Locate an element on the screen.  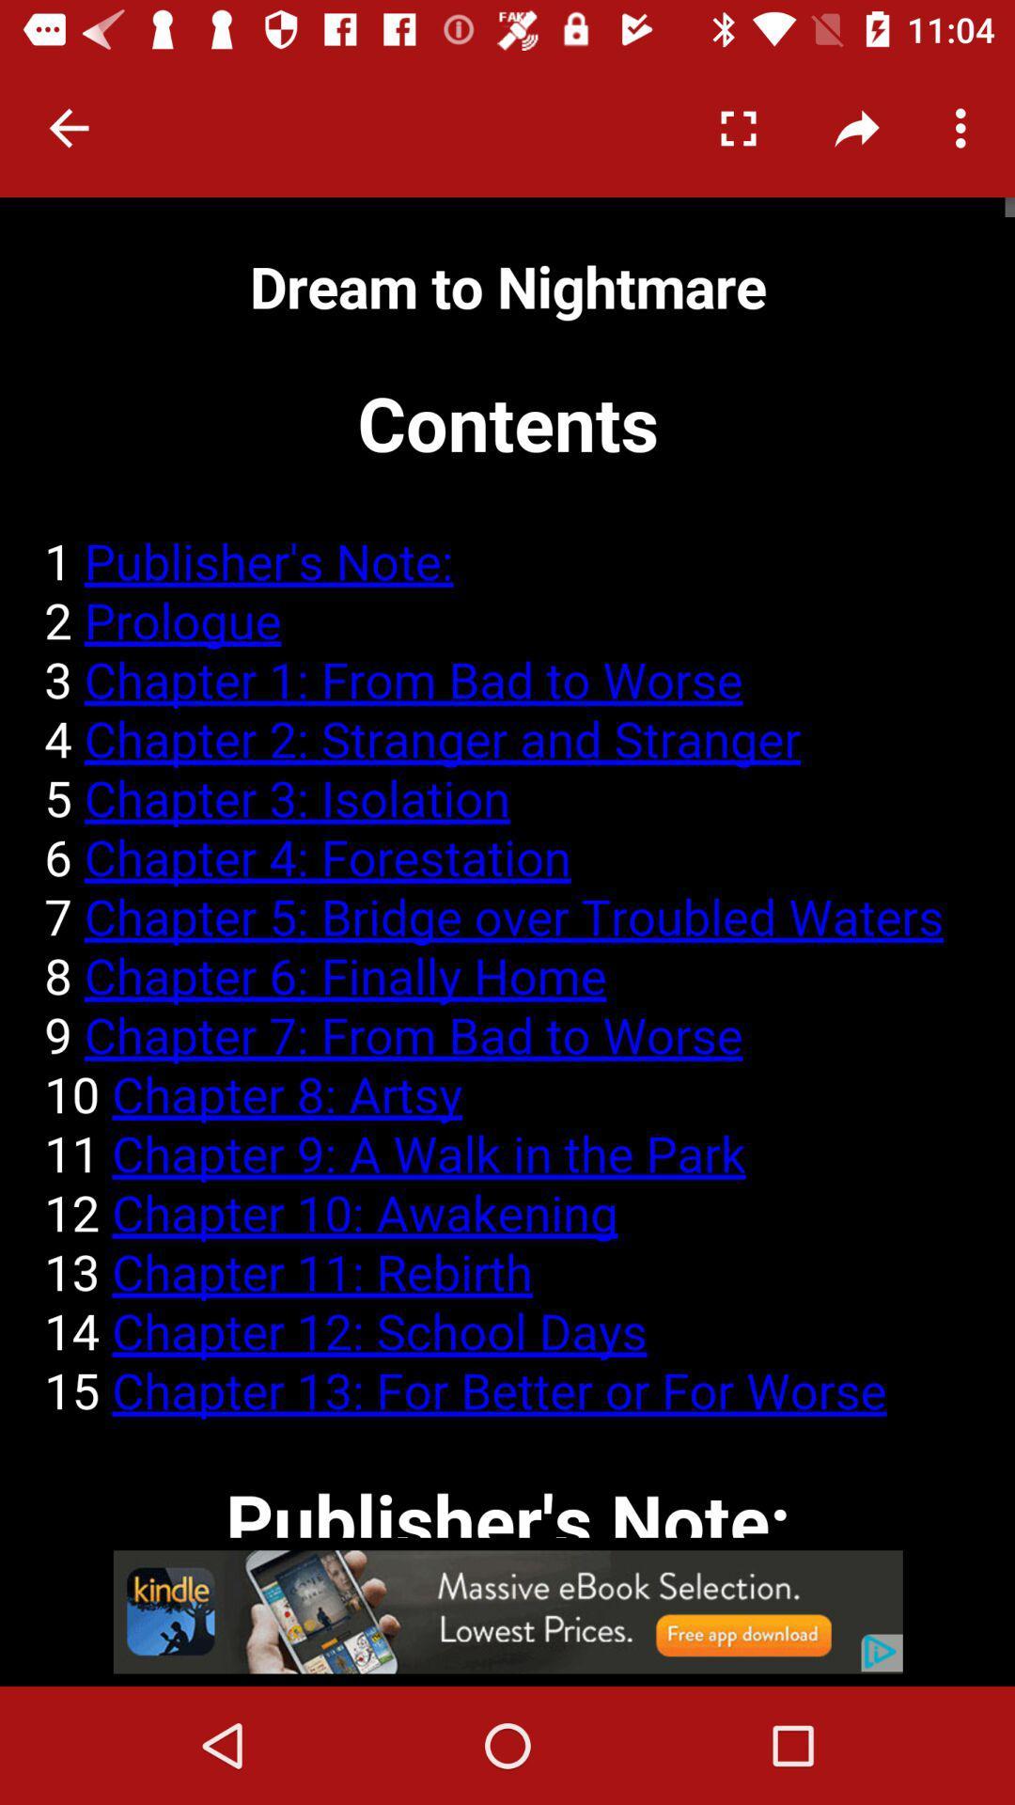
advertisement banner is located at coordinates (507, 1610).